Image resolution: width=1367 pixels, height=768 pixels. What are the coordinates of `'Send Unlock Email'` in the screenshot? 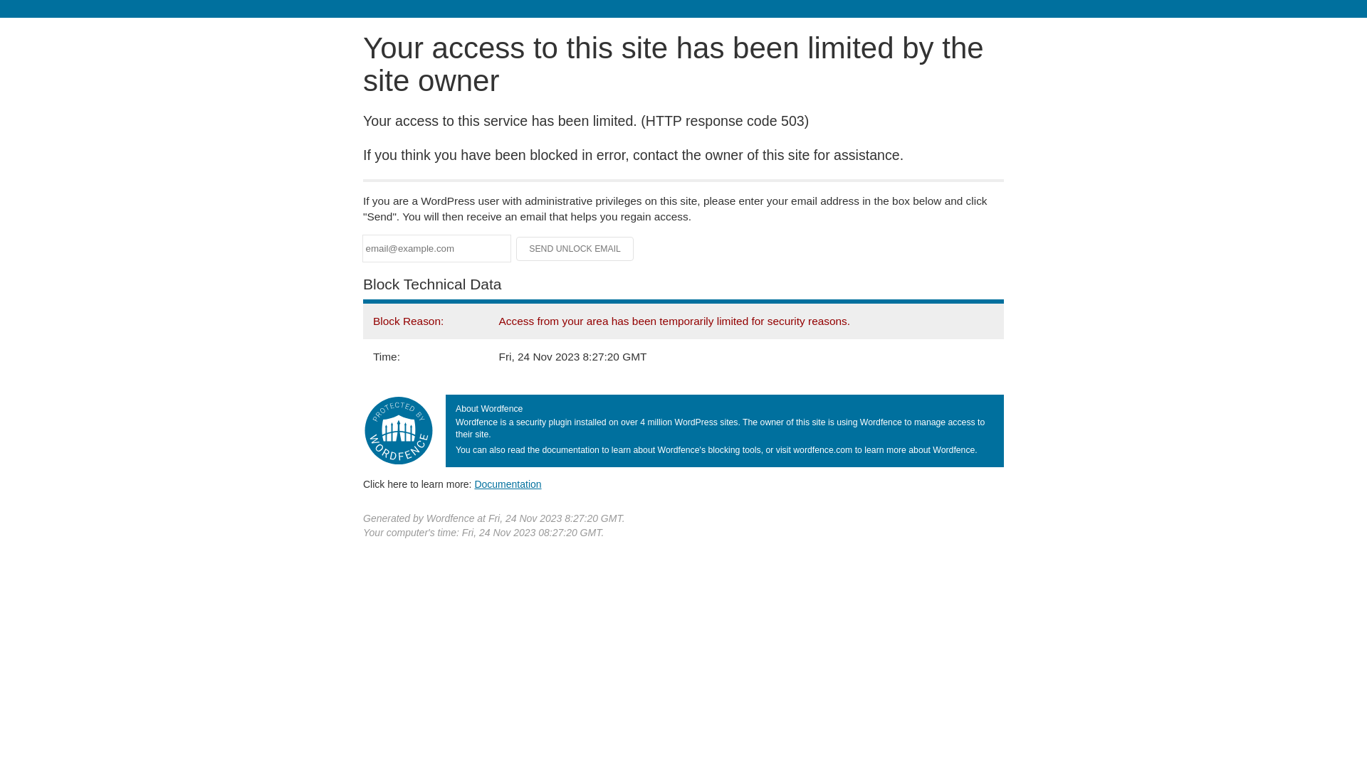 It's located at (575, 248).